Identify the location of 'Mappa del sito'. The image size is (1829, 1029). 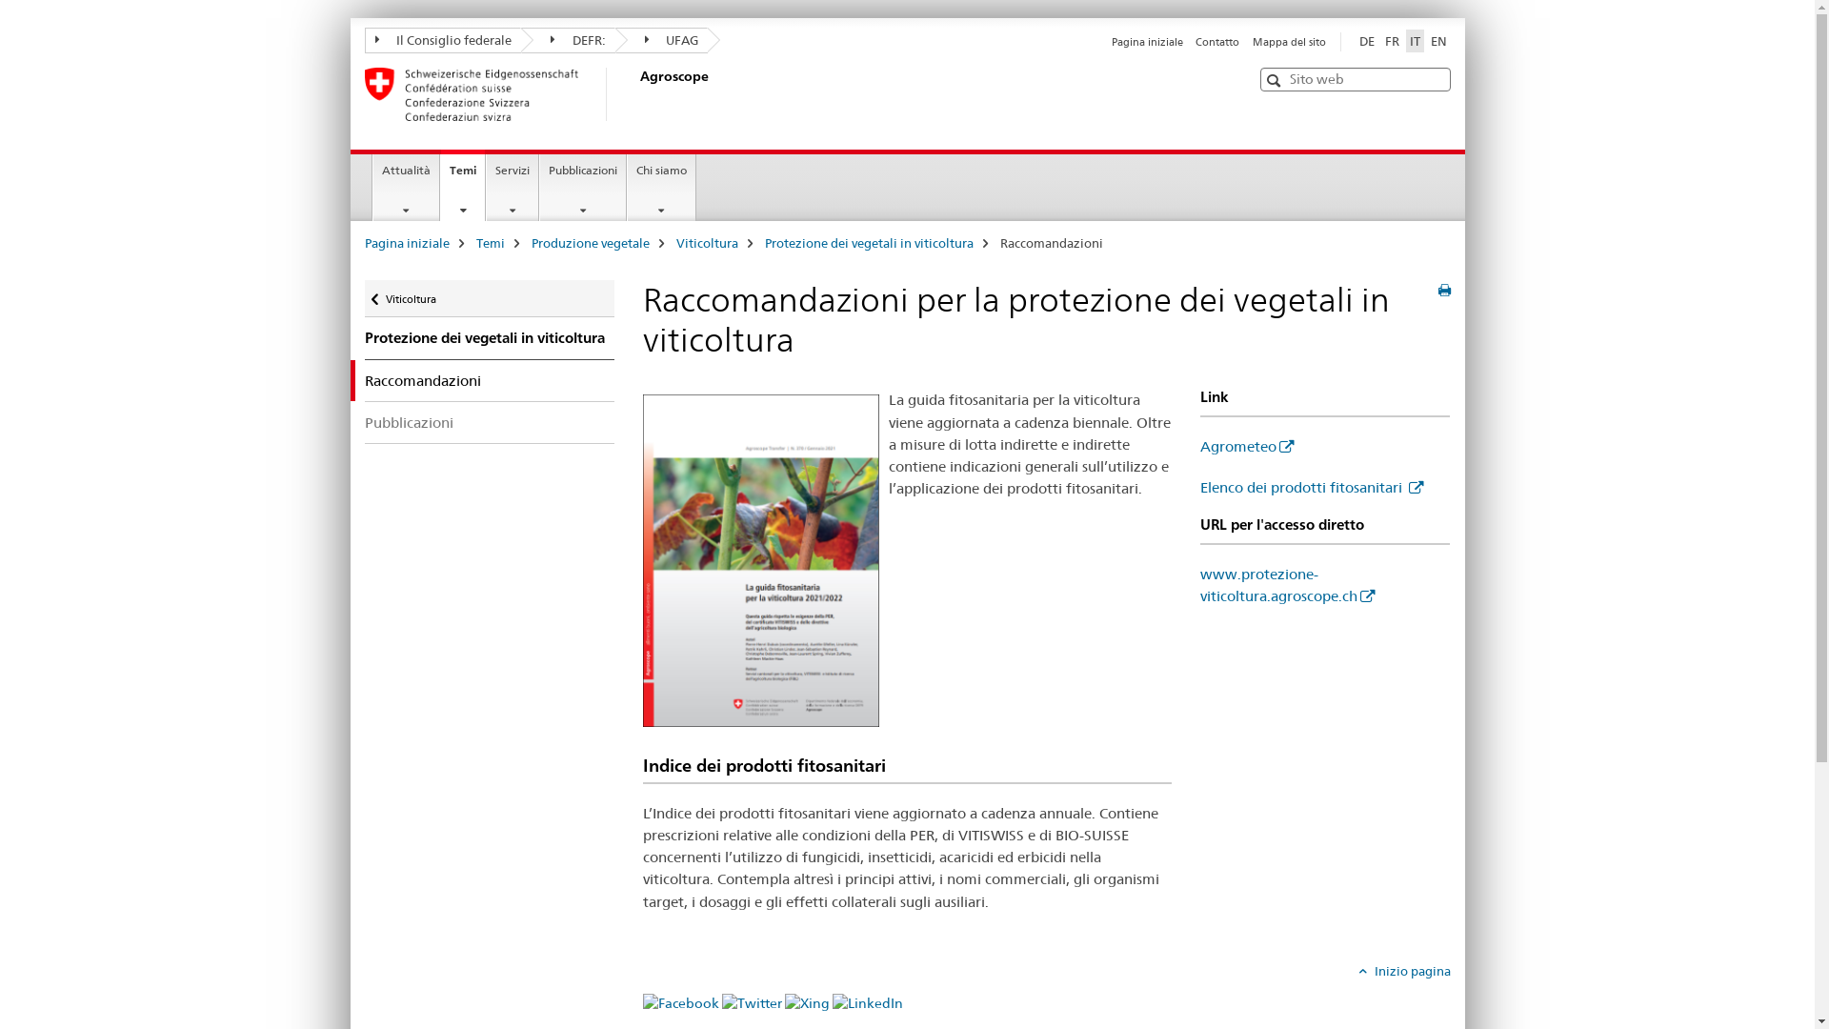
(1252, 41).